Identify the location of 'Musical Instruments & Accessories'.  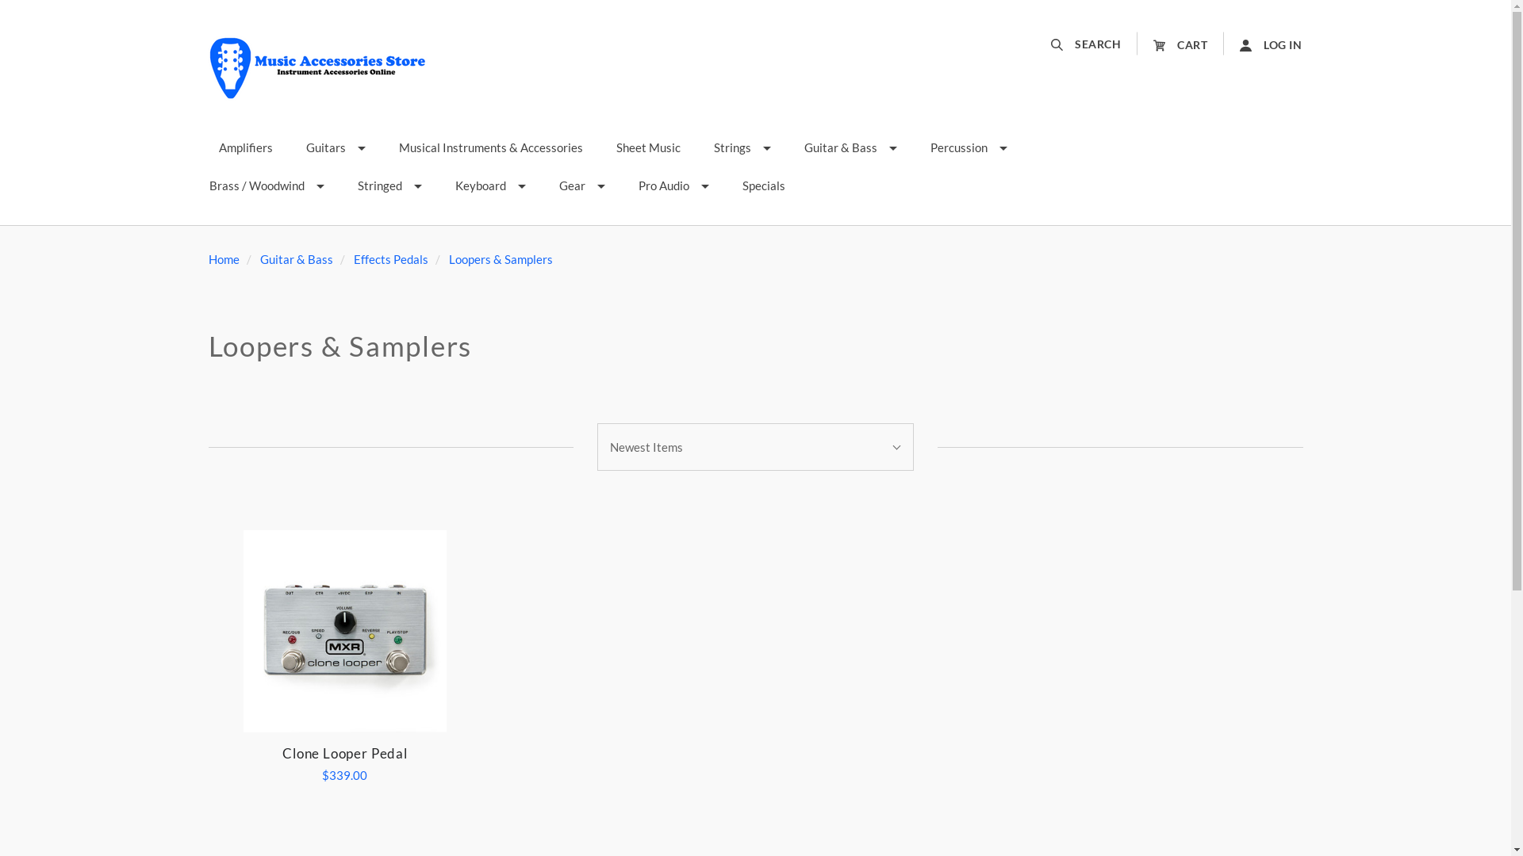
(490, 147).